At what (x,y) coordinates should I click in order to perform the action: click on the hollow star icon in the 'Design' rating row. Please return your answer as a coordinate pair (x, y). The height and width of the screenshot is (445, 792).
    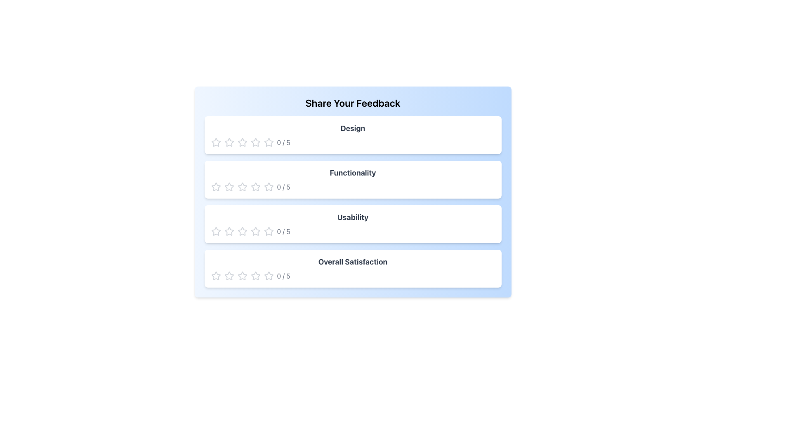
    Looking at the image, I should click on (216, 142).